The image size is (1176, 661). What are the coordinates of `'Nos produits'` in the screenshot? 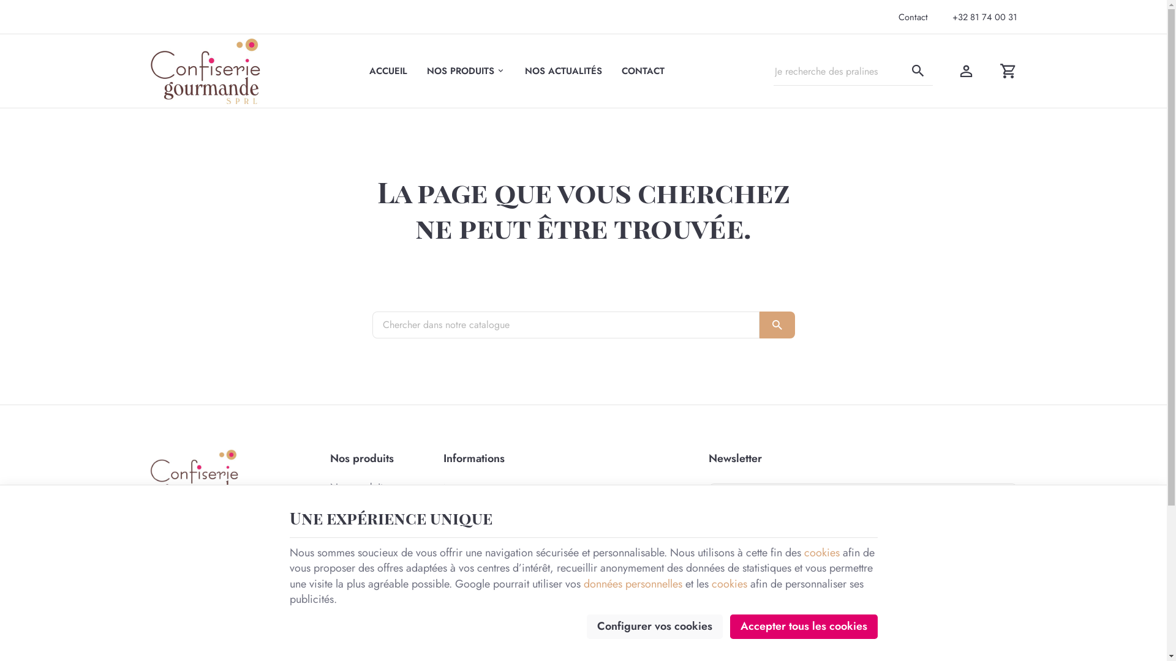 It's located at (379, 486).